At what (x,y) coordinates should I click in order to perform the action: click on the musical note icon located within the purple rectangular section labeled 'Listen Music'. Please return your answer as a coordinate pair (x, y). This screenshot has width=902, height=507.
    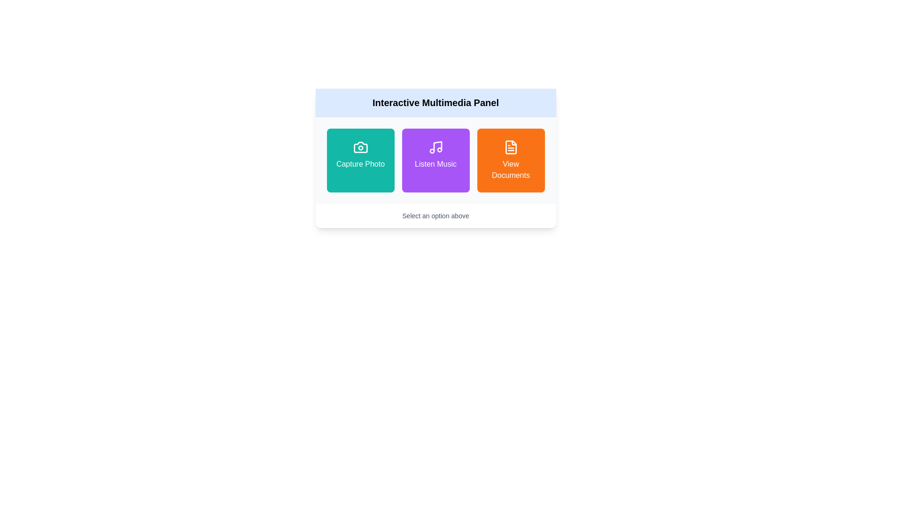
    Looking at the image, I should click on (435, 147).